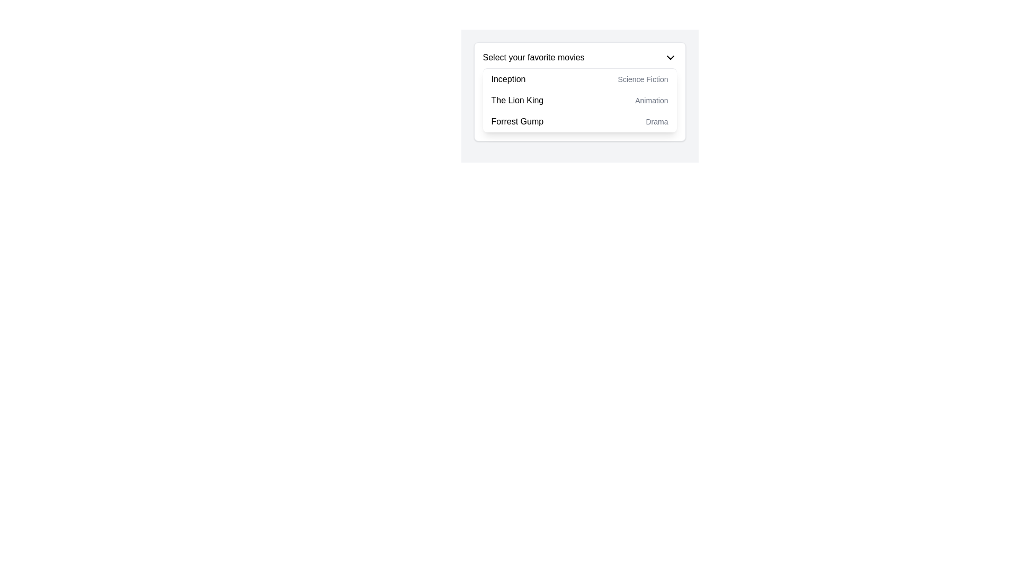  What do you see at coordinates (670, 57) in the screenshot?
I see `the downward-facing arrow icon located to the right of the text 'Select your favorite movies'` at bounding box center [670, 57].